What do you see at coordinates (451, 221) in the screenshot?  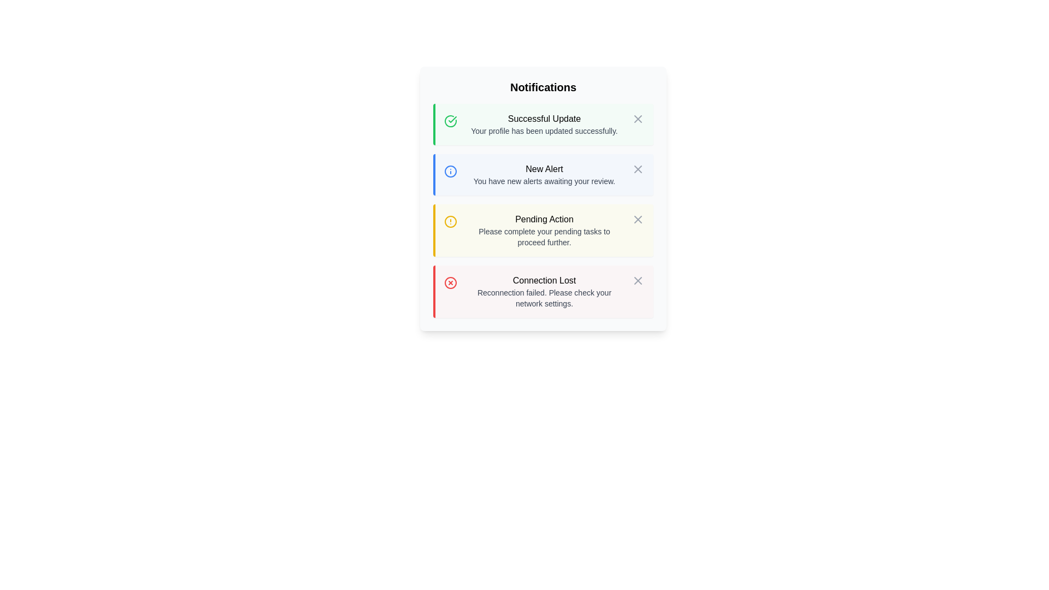 I see `the alert icon representing a warning message` at bounding box center [451, 221].